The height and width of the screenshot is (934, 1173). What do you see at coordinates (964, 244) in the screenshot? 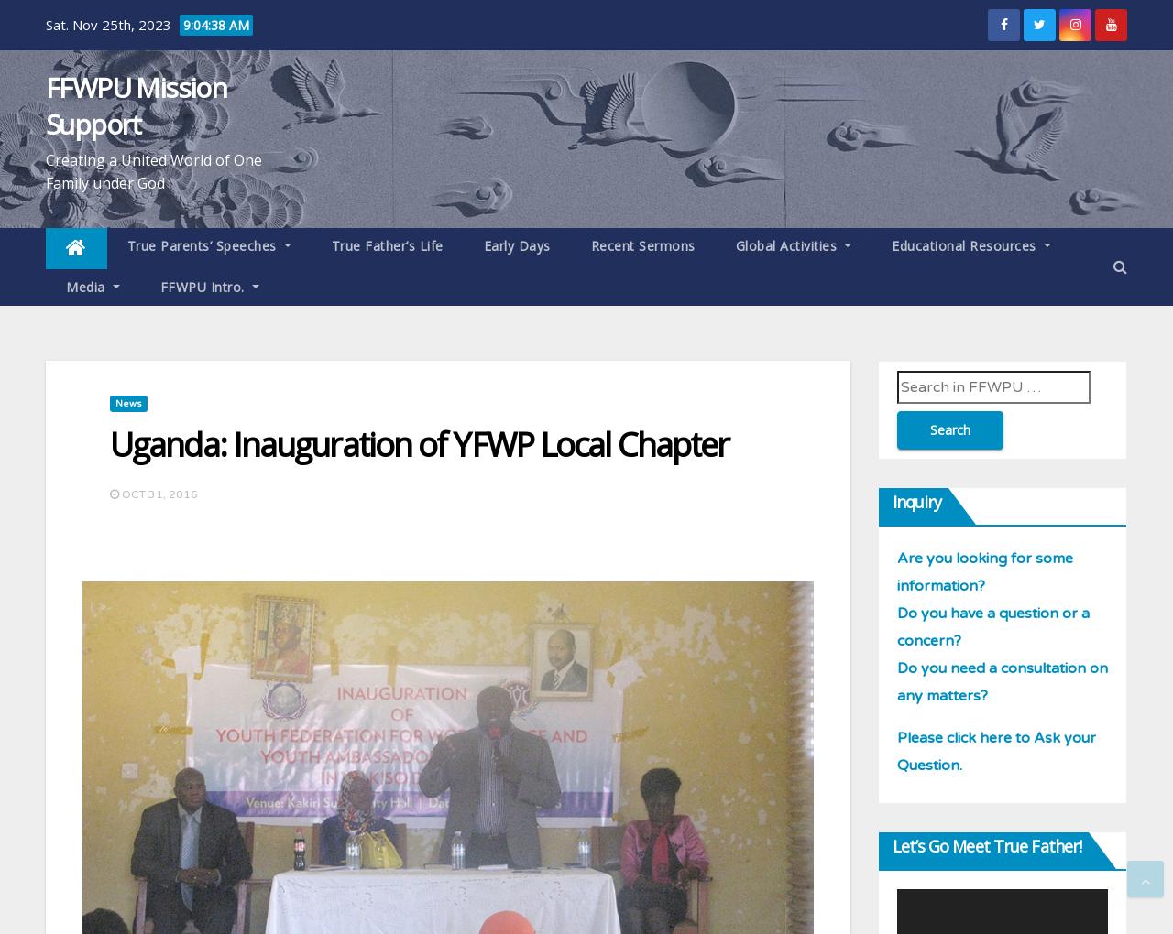
I see `'Educational Resources'` at bounding box center [964, 244].